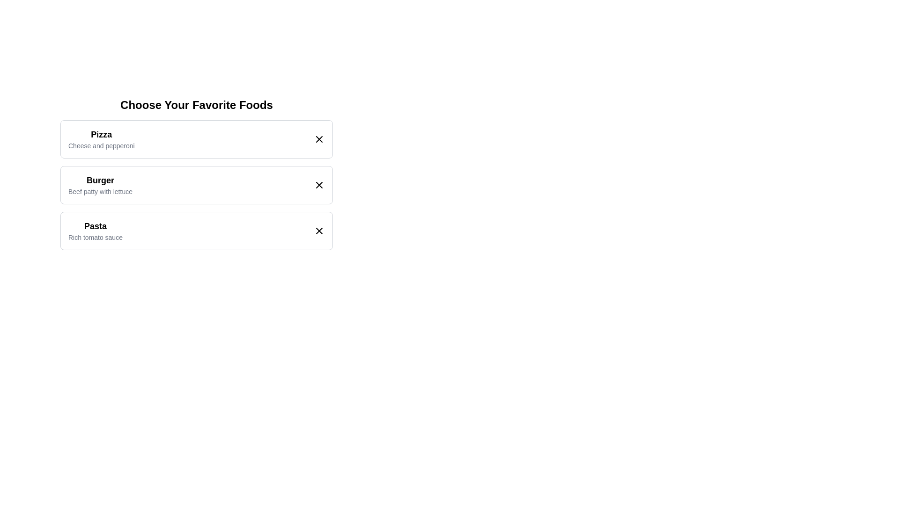  Describe the element at coordinates (196, 173) in the screenshot. I see `the second selectable item in the list, which represents the 'Burger' option` at that location.